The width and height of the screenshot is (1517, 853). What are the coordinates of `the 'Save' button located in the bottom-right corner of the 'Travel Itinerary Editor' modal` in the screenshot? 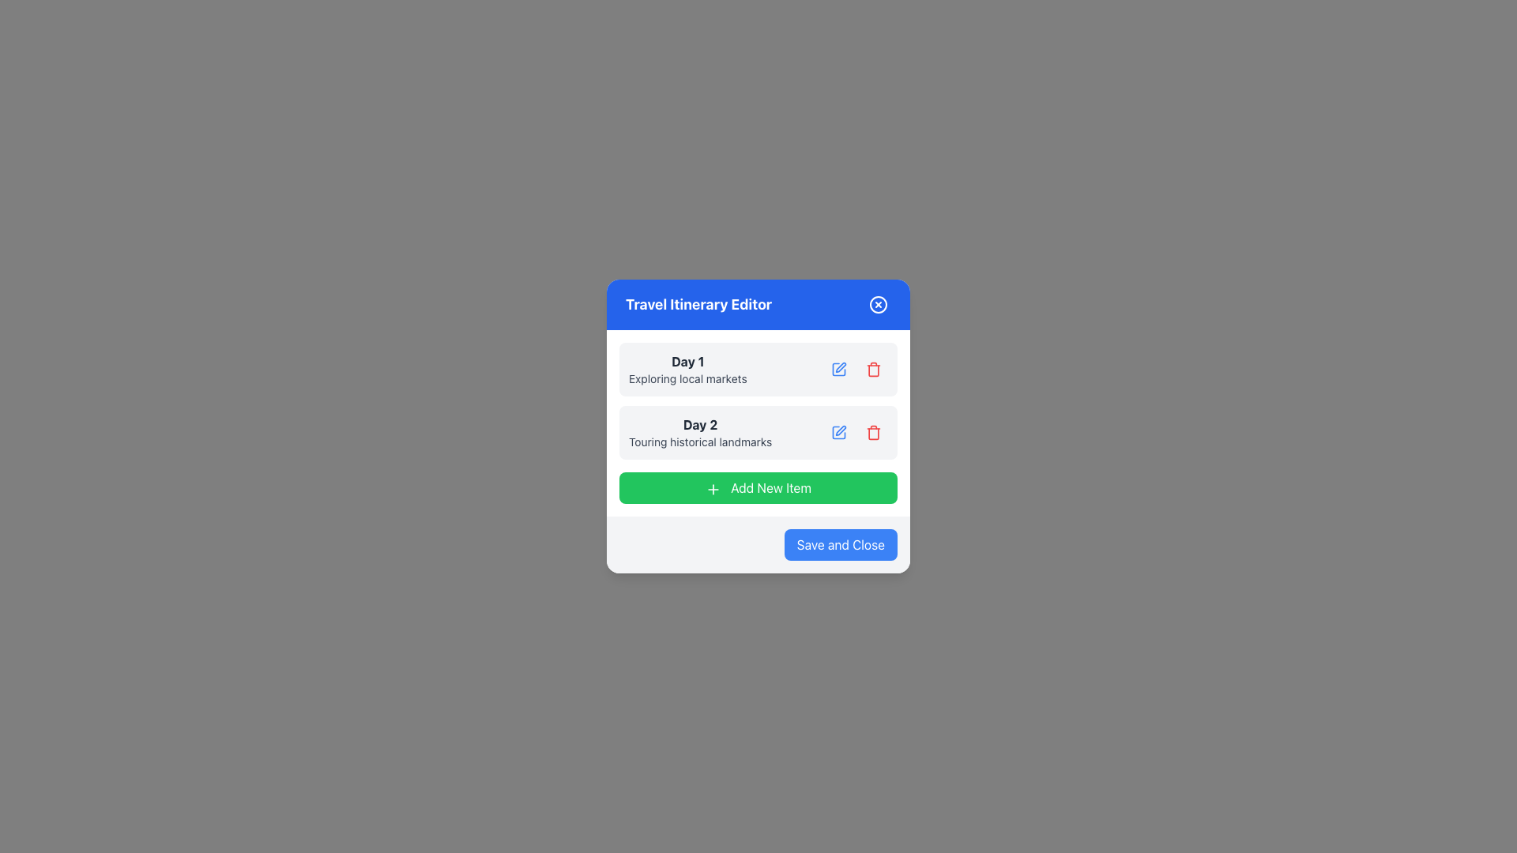 It's located at (840, 544).